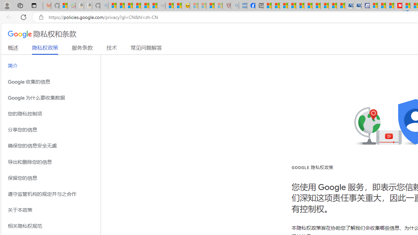 The width and height of the screenshot is (418, 235). I want to click on 'Climate Damage Becomes Too Severe To Reverse', so click(292, 6).